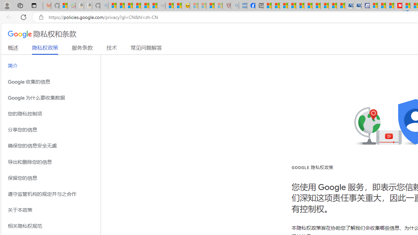 The width and height of the screenshot is (418, 235). I want to click on 'Climate Damage Becomes Too Severe To Reverse', so click(292, 6).